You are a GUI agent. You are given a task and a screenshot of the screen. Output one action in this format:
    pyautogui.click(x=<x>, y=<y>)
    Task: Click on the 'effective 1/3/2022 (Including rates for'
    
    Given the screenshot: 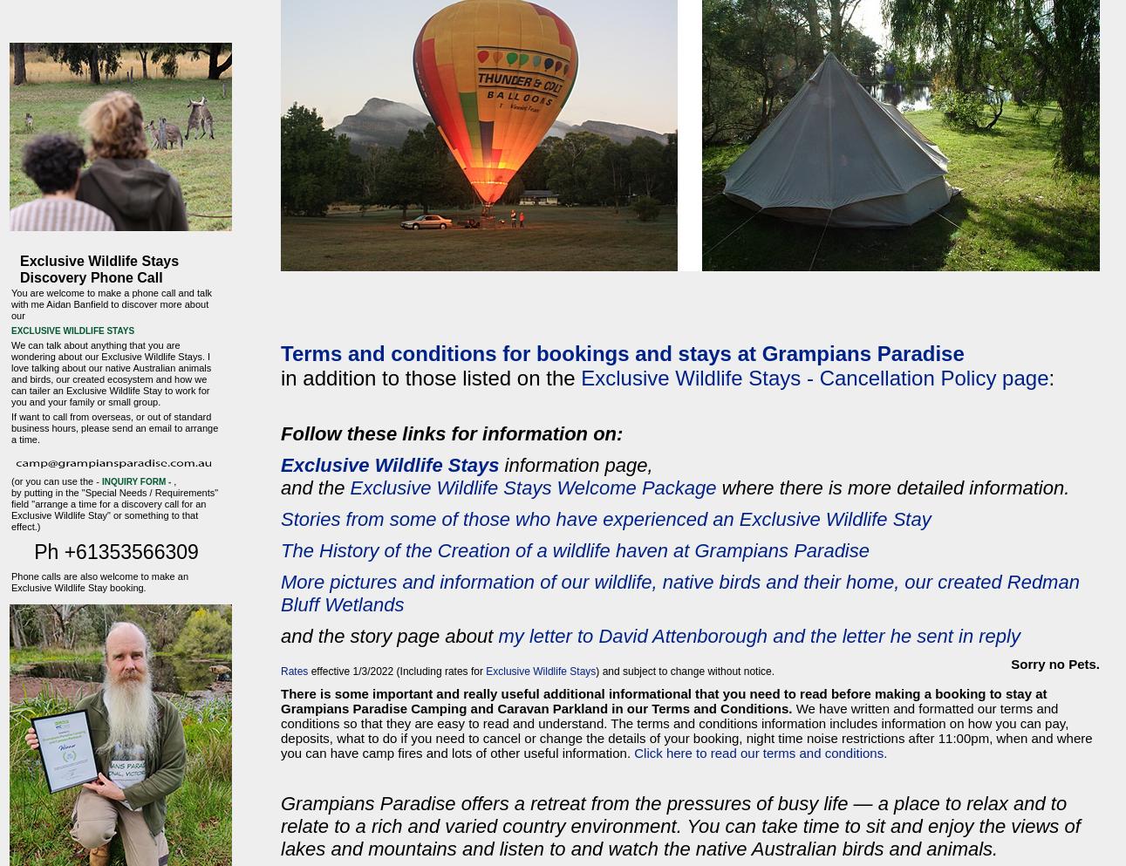 What is the action you would take?
    pyautogui.click(x=395, y=670)
    